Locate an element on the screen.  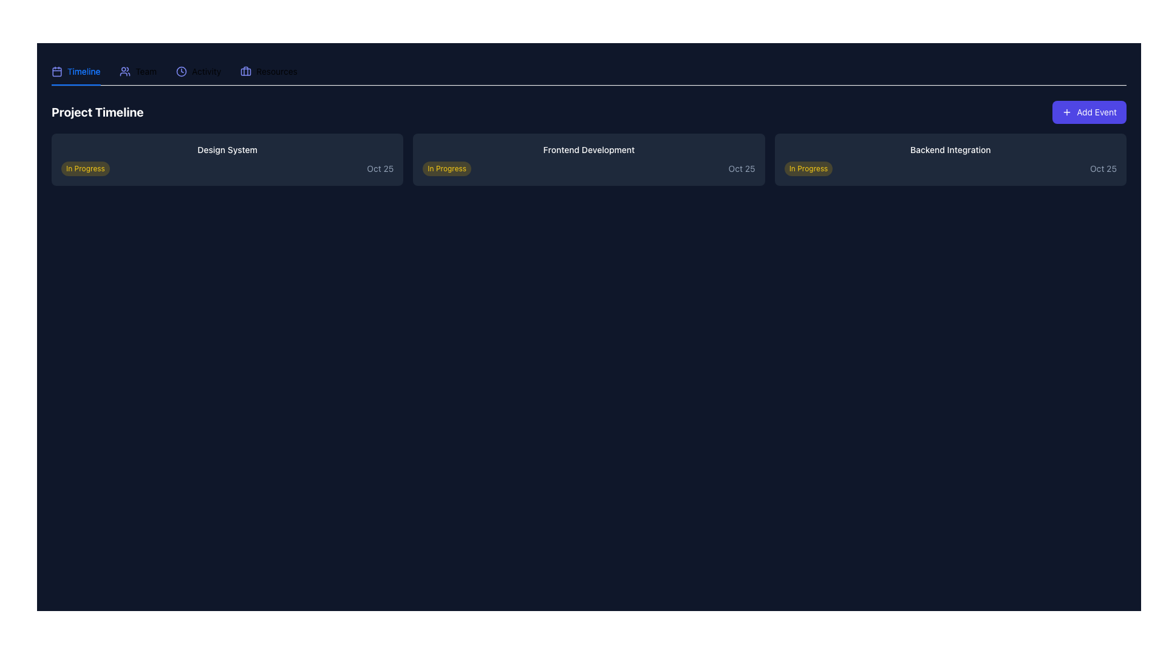
the SVG icon representing a group of users with an indigo outline, located in the top navigation bar next to the 'Team' label is located at coordinates (125, 72).